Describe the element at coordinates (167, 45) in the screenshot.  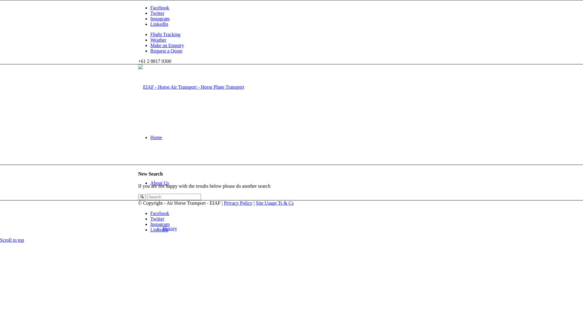
I see `'Make an Enquiry'` at that location.